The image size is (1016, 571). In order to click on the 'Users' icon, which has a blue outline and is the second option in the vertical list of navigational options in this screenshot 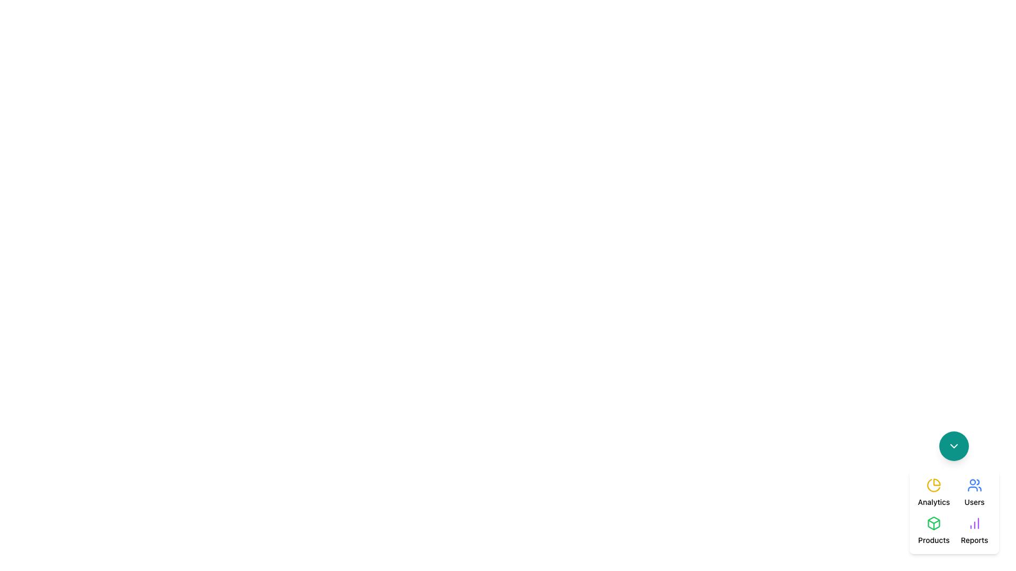, I will do `click(973, 489)`.